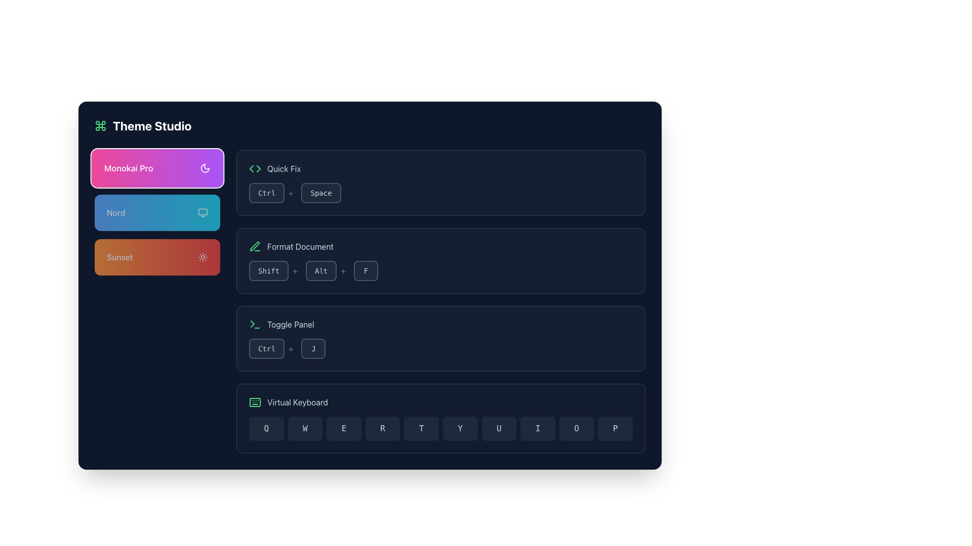 The image size is (972, 546). Describe the element at coordinates (320, 193) in the screenshot. I see `the non-interactive button-like display element representing the 'Space' key in the 'Quick Fix' section, part of the keybinding display labeled 'Ctrl+Space'` at that location.